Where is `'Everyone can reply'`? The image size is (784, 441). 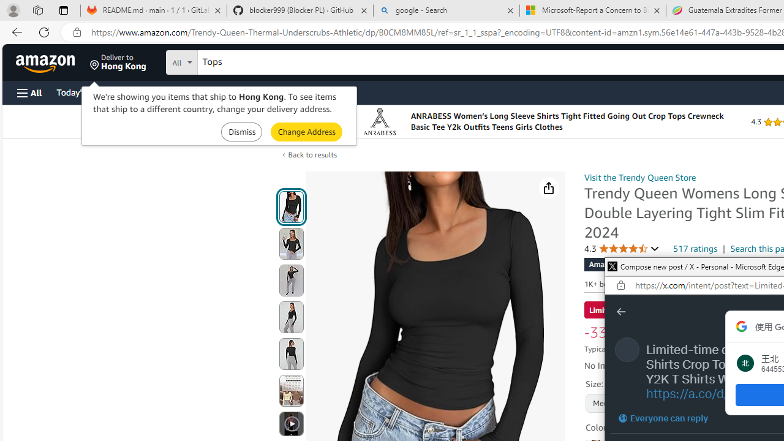 'Everyone can reply' is located at coordinates (662, 417).